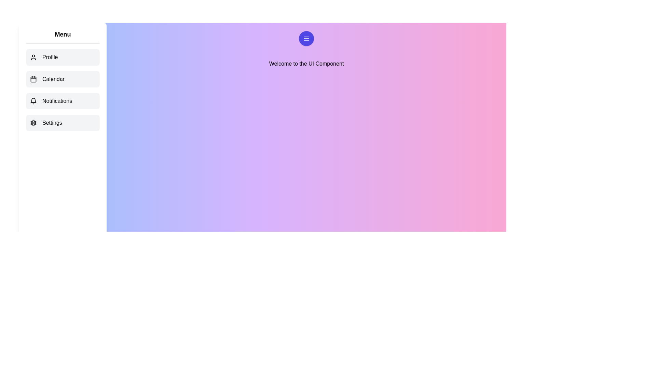 The image size is (656, 369). What do you see at coordinates (63, 57) in the screenshot?
I see `the menu item Profile to observe the hover effect` at bounding box center [63, 57].